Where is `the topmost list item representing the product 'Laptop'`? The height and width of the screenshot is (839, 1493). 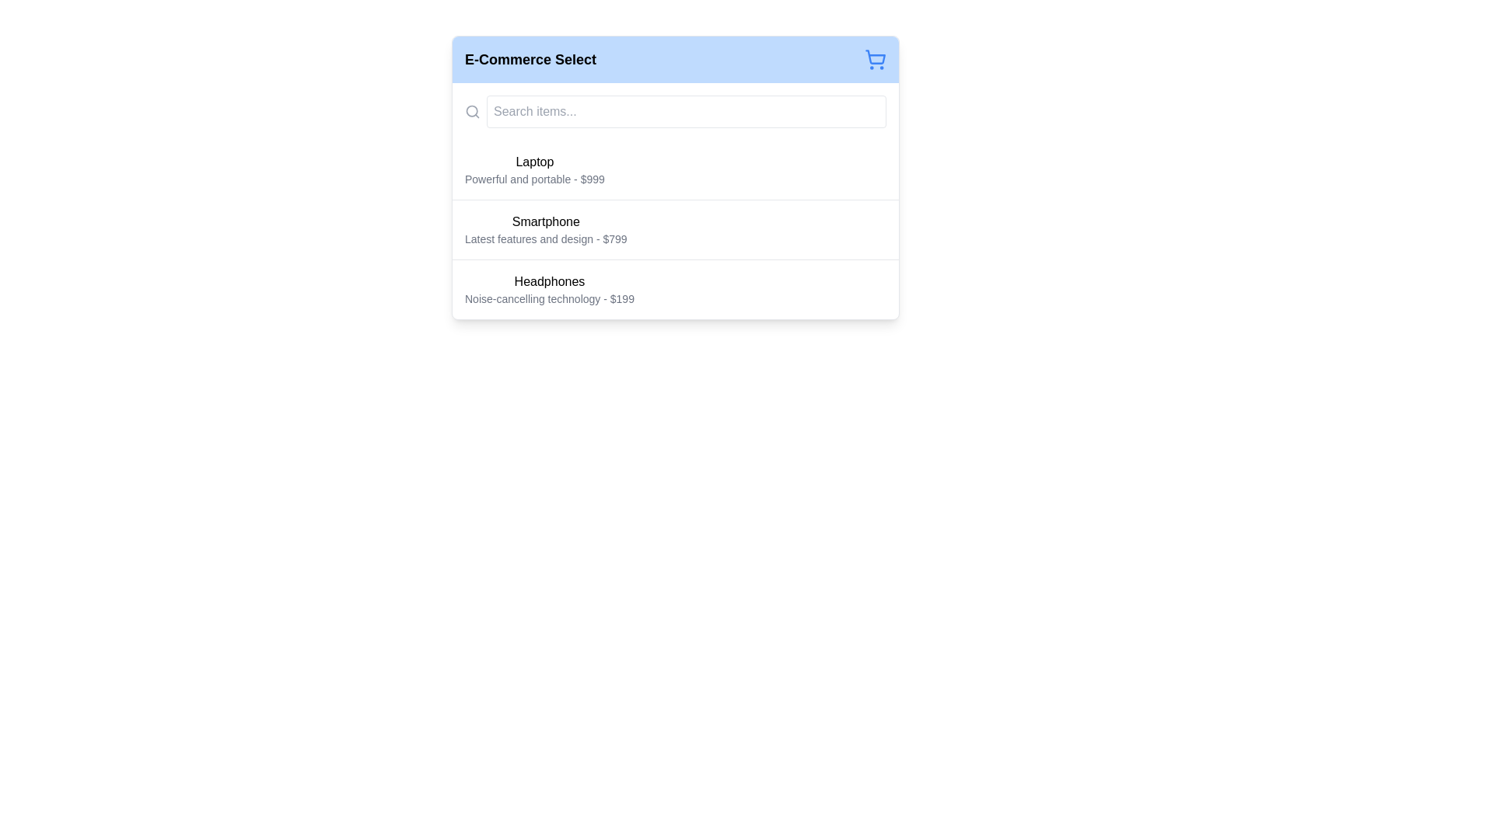
the topmost list item representing the product 'Laptop' is located at coordinates (534, 170).